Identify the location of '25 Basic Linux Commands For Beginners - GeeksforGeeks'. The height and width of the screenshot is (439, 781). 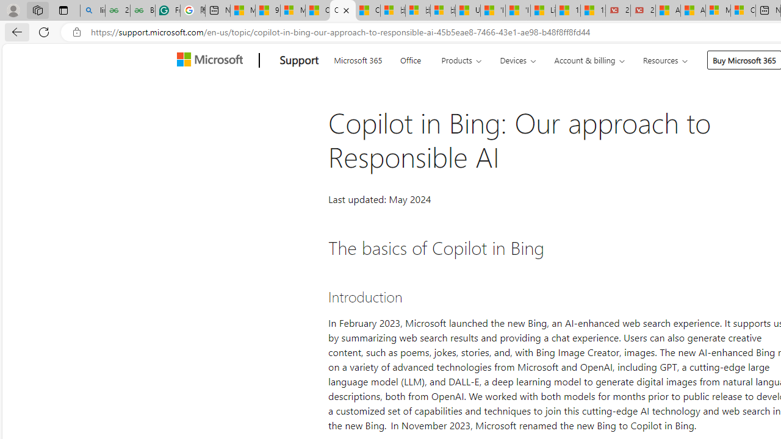
(117, 10).